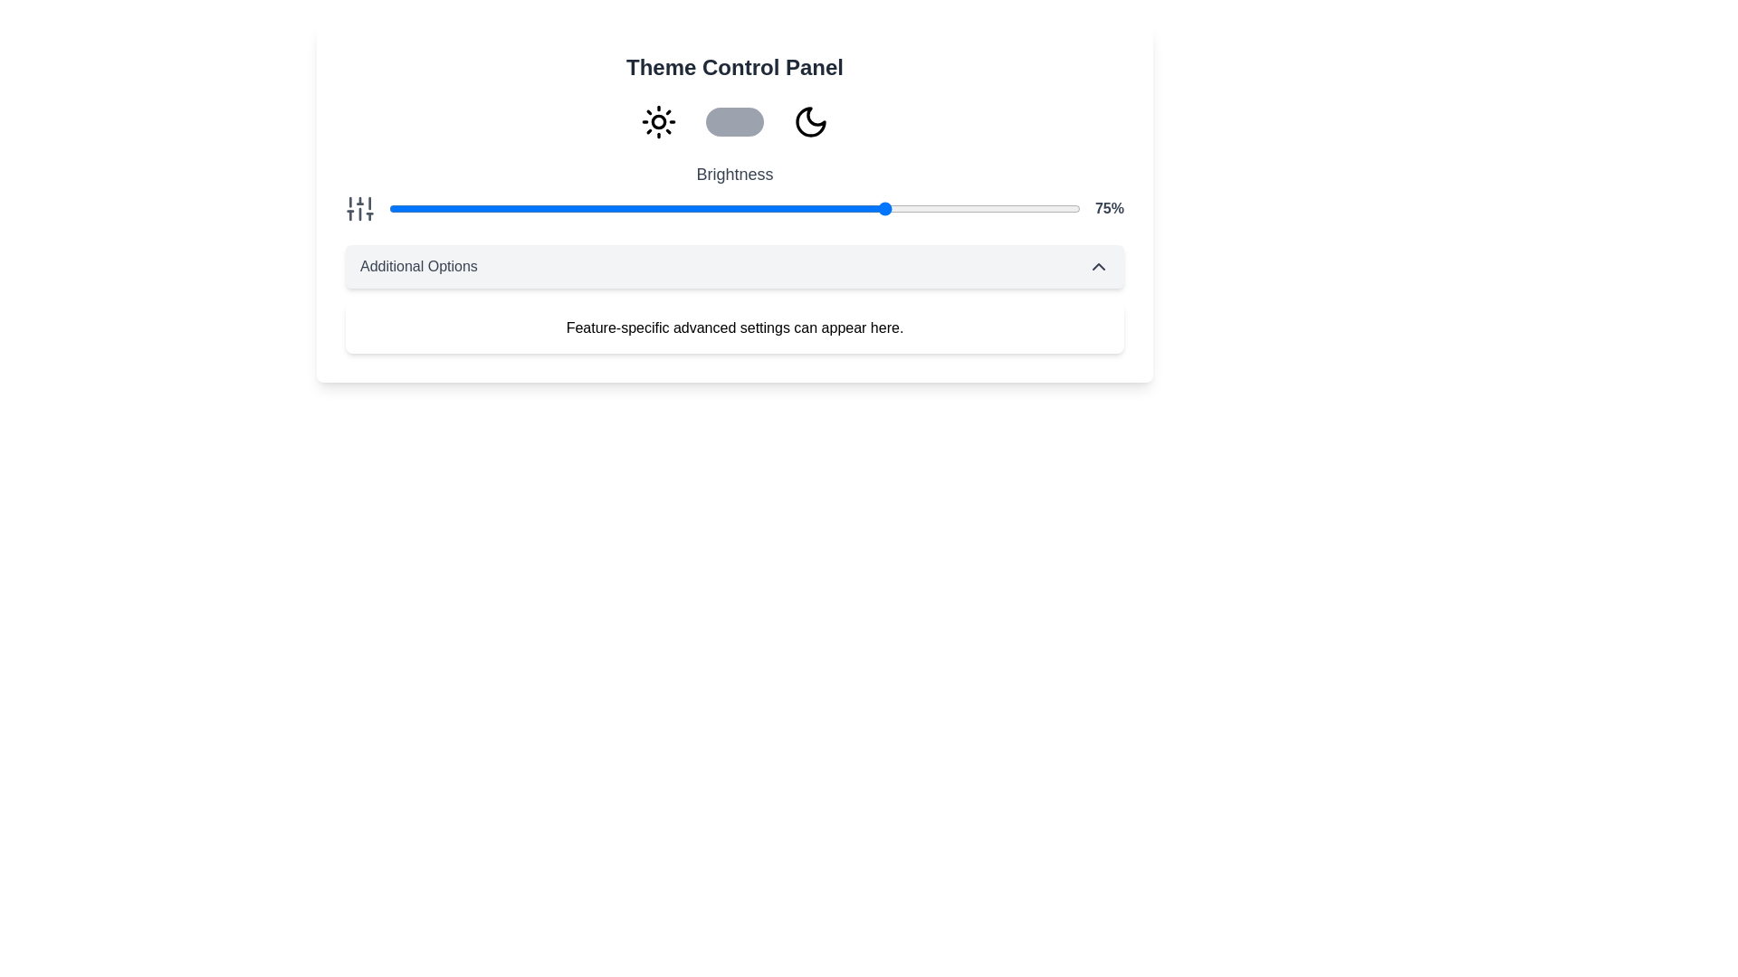 The width and height of the screenshot is (1738, 977). Describe the element at coordinates (360, 208) in the screenshot. I see `the vertical control icon resembling sliders, which is gray in color and located to the far left of a horizontal row` at that location.